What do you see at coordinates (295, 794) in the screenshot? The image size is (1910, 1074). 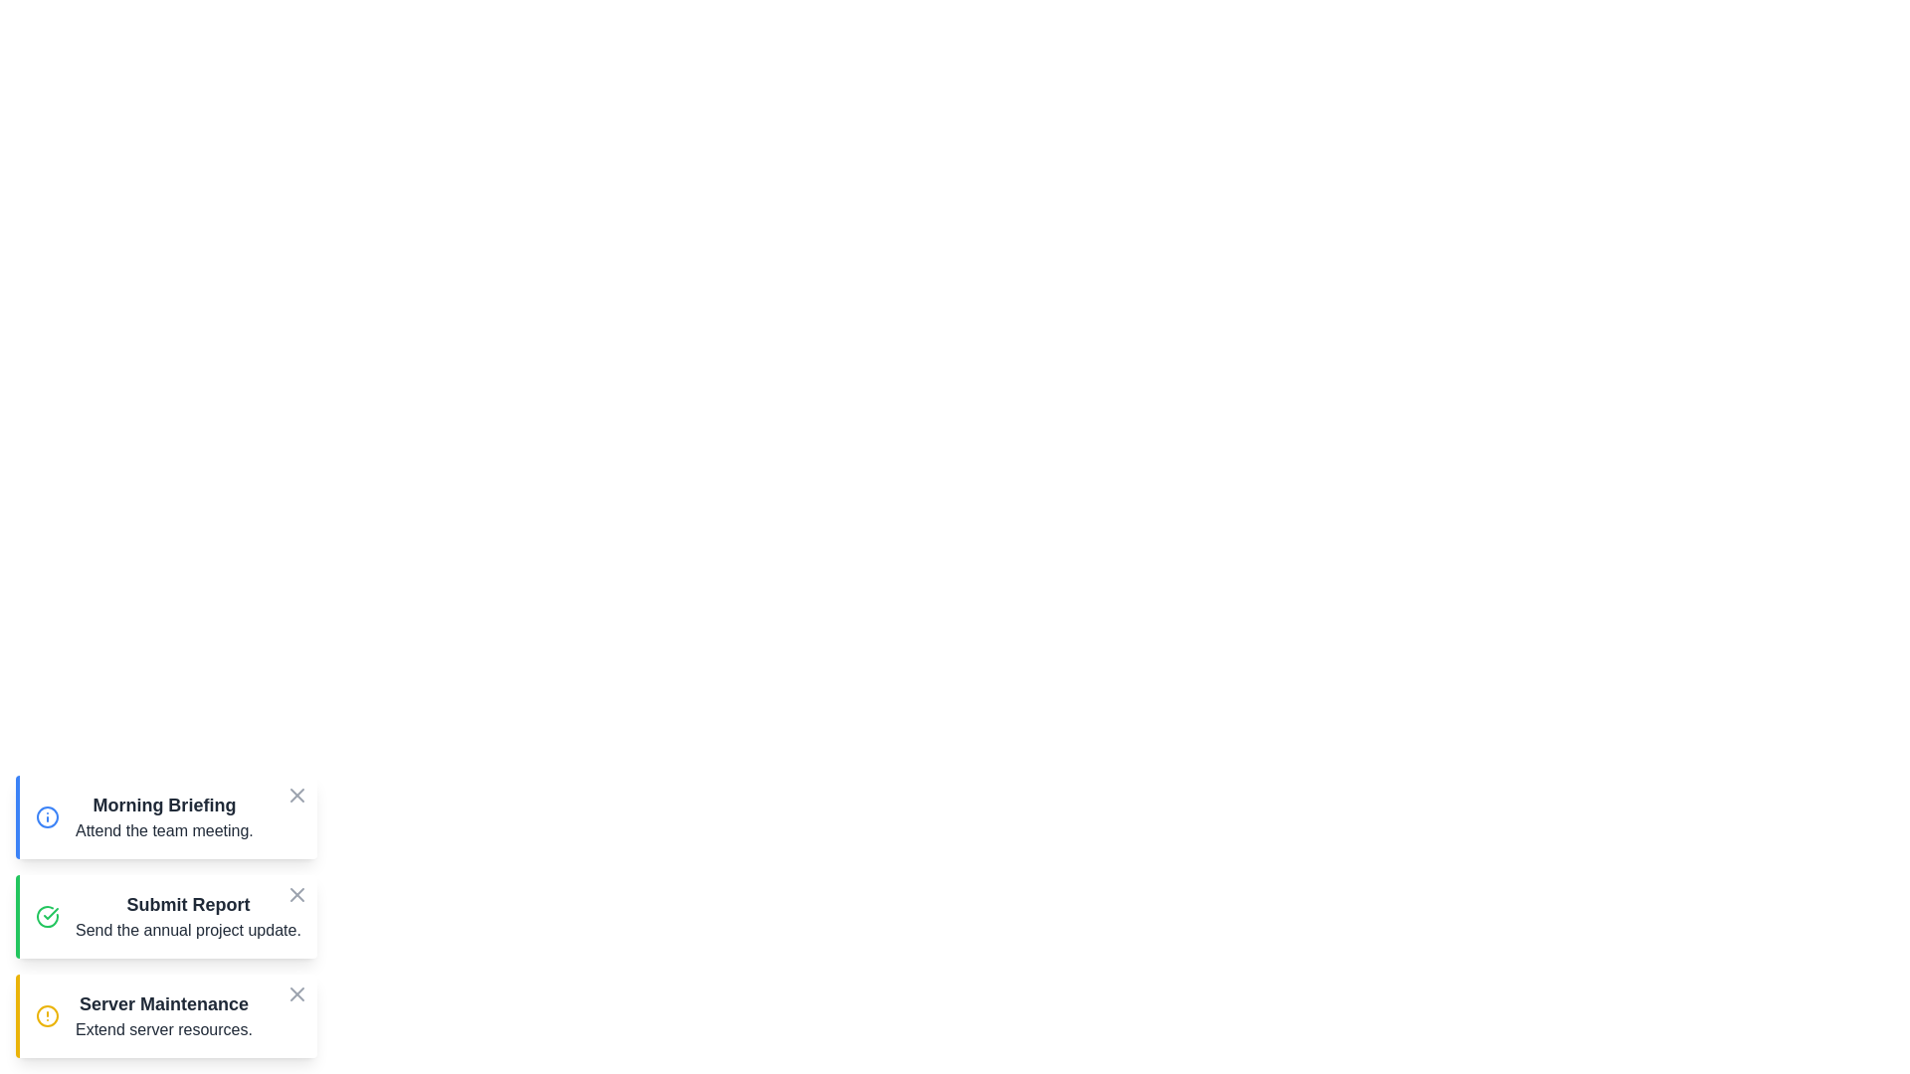 I see `the close button icon in the first notification card` at bounding box center [295, 794].